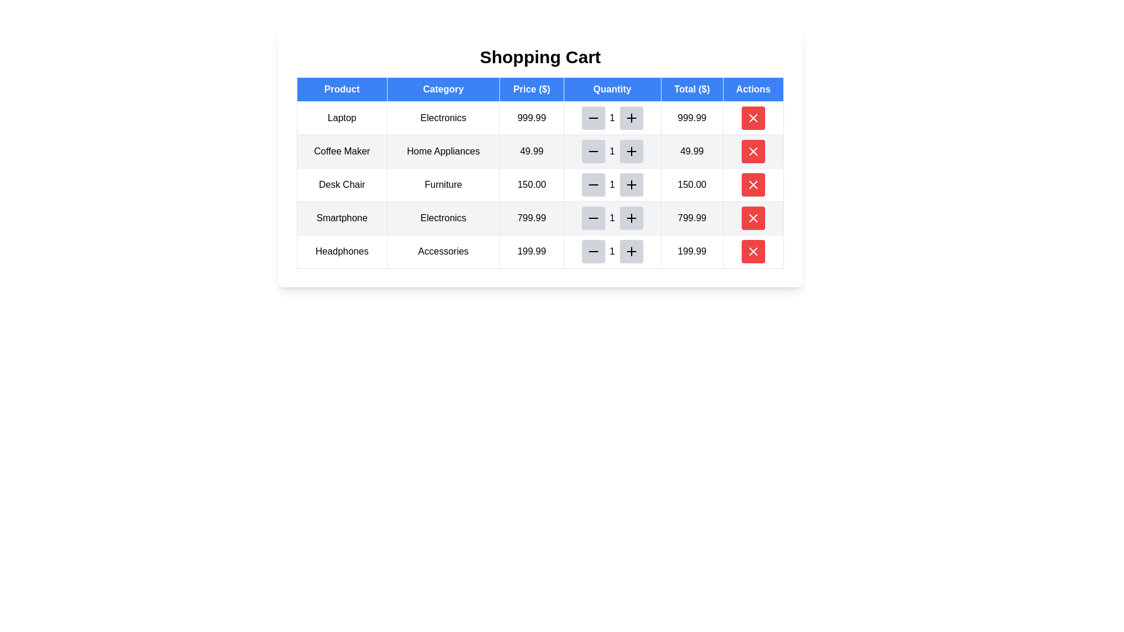  What do you see at coordinates (593, 184) in the screenshot?
I see `the decrement button for the 'Desk Chair'` at bounding box center [593, 184].